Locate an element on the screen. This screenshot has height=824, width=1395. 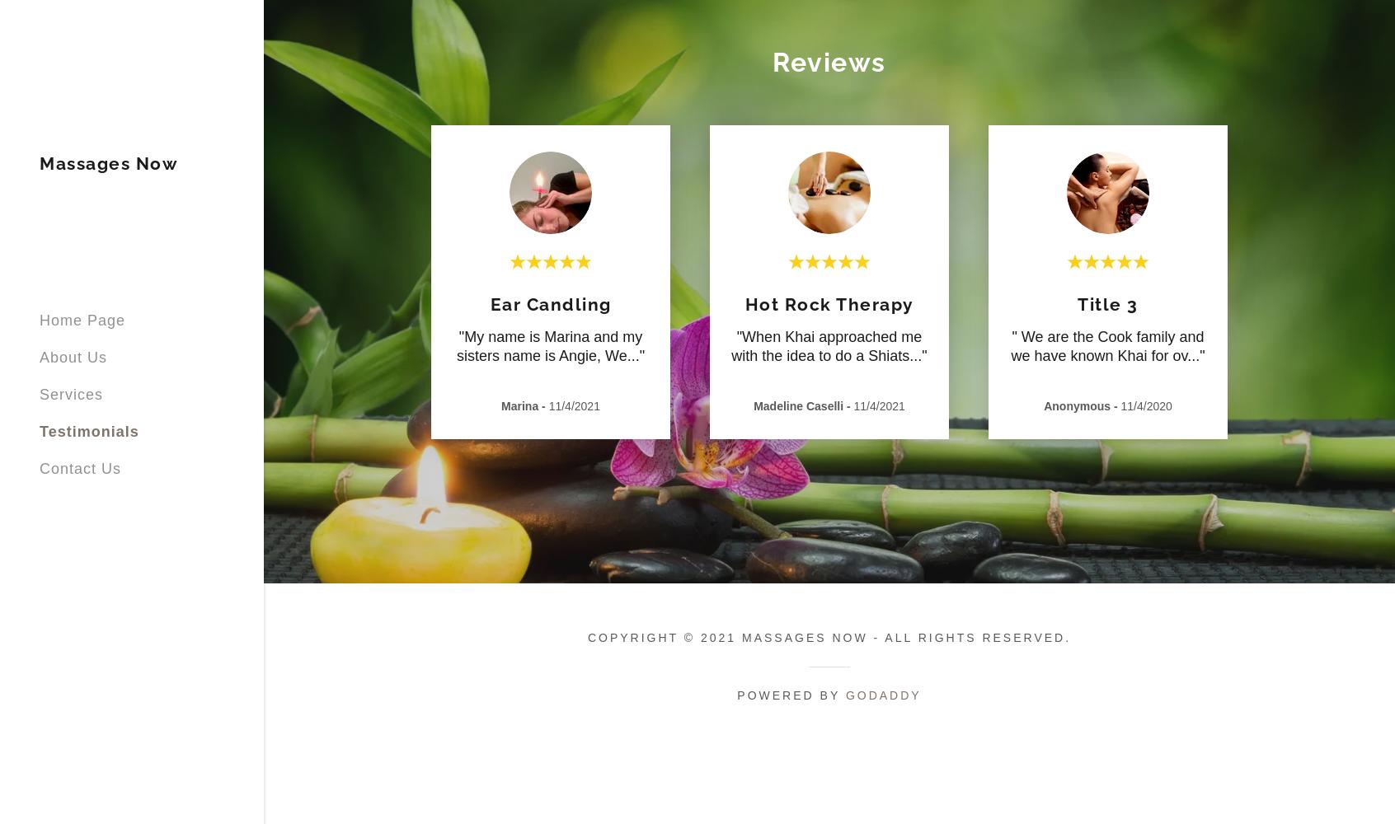
'we have known Khai for ov' is located at coordinates (1097, 356).